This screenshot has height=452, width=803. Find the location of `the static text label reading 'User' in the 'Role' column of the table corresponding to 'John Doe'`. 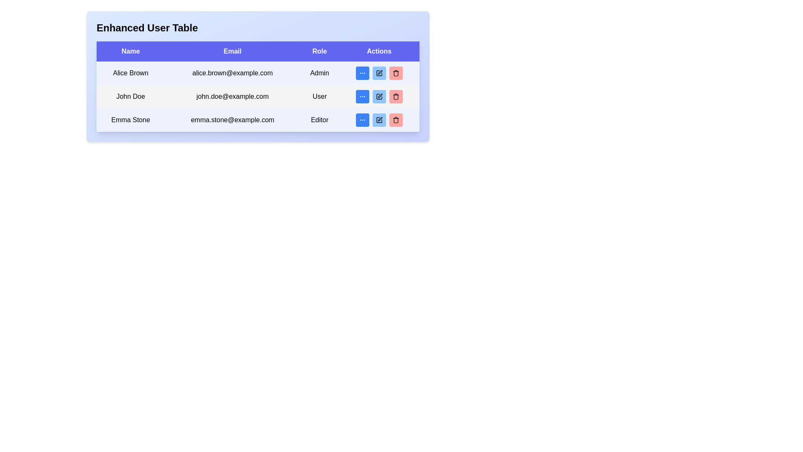

the static text label reading 'User' in the 'Role' column of the table corresponding to 'John Doe' is located at coordinates (319, 96).